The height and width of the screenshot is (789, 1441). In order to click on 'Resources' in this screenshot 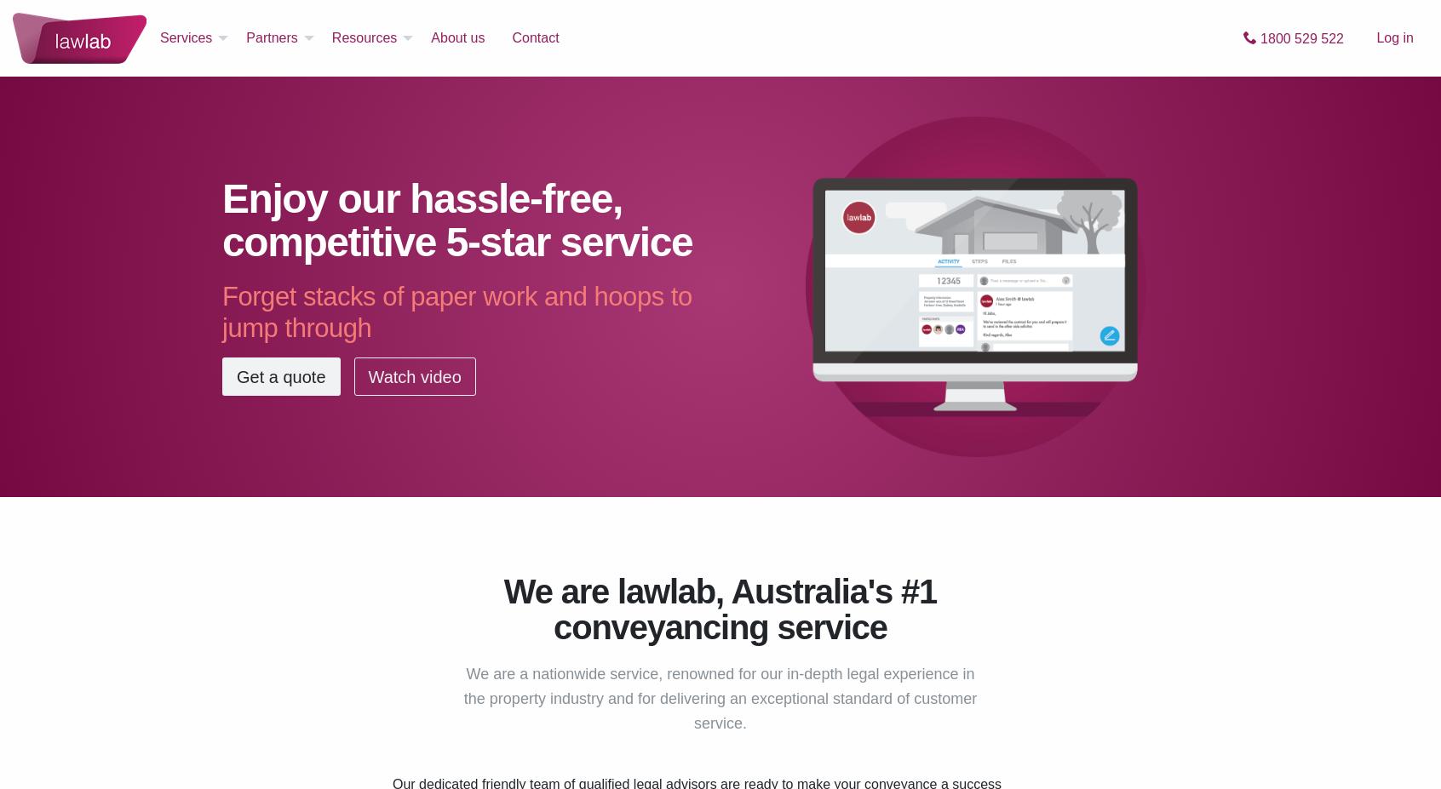, I will do `click(363, 37)`.